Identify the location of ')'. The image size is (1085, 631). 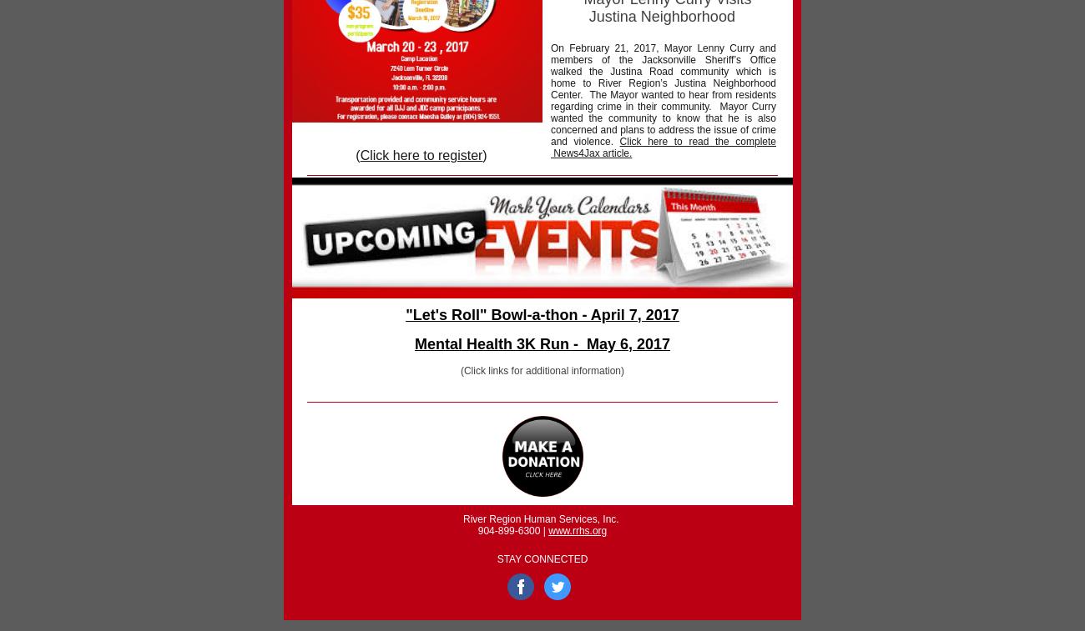
(483, 154).